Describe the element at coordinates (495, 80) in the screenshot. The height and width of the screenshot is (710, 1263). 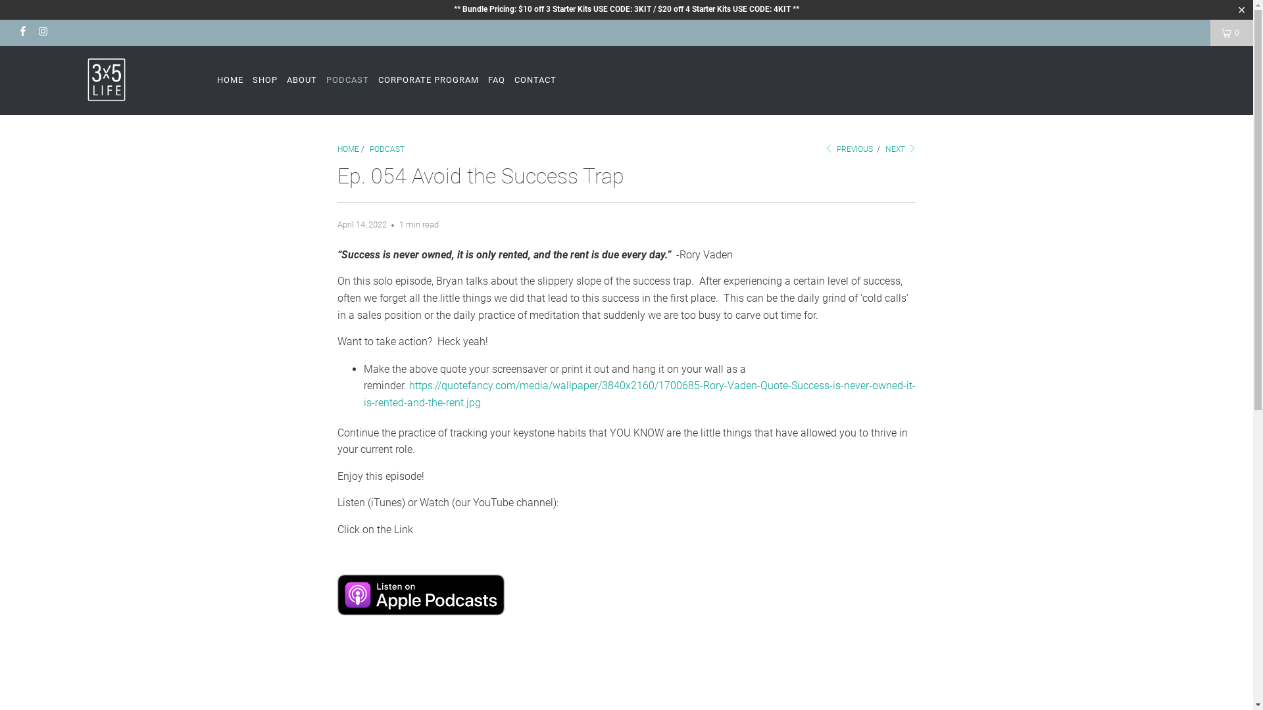
I see `'FAQ'` at that location.